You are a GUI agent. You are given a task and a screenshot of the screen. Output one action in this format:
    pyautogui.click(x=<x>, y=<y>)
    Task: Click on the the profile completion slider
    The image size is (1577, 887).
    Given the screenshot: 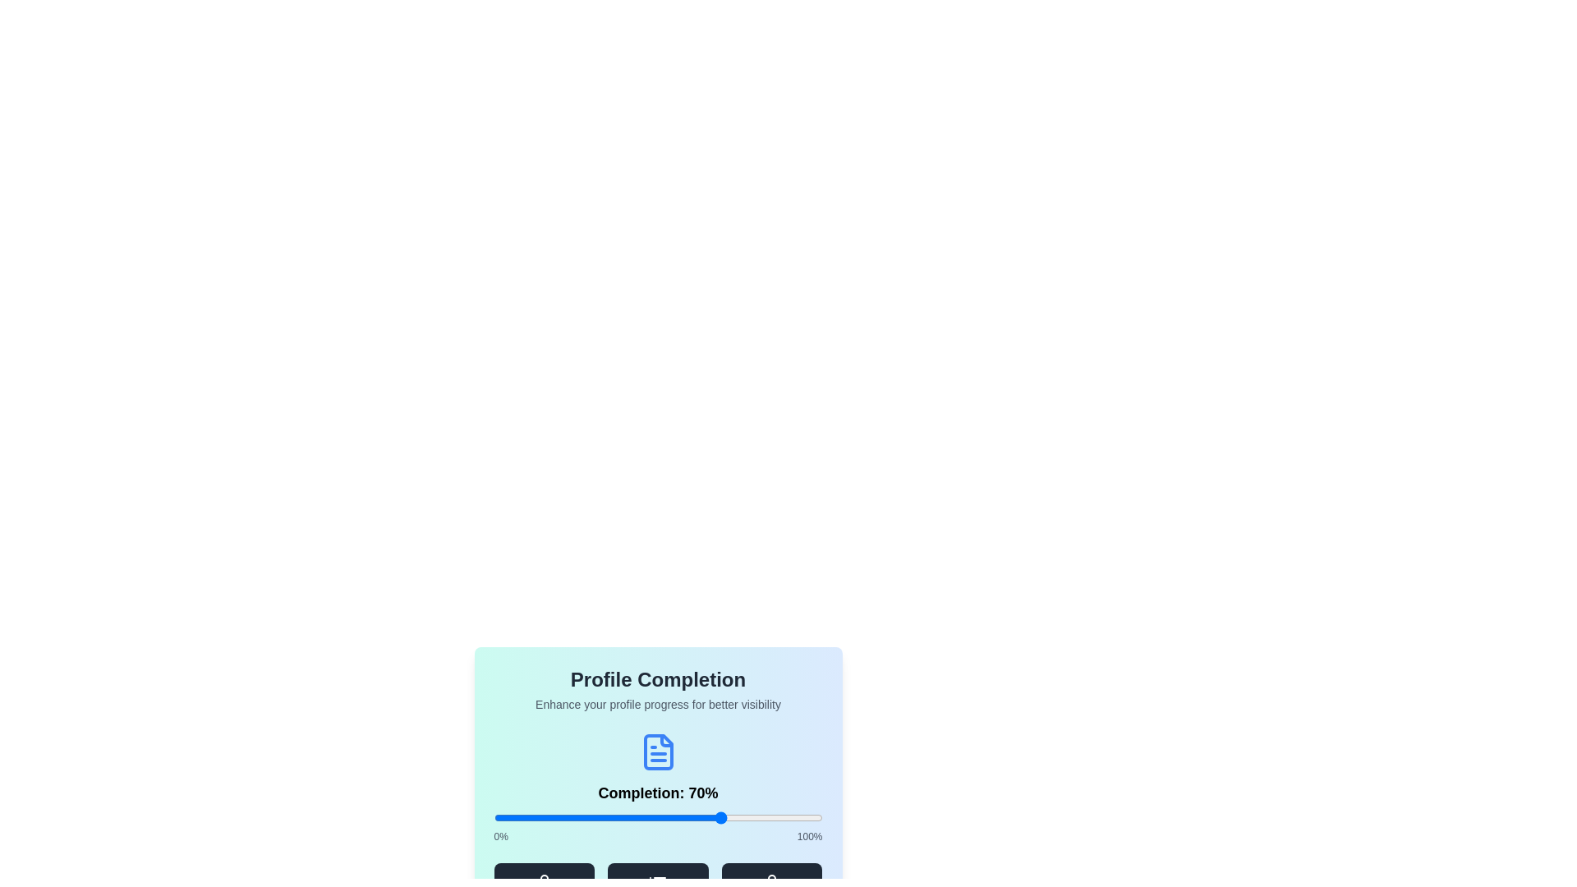 What is the action you would take?
    pyautogui.click(x=766, y=817)
    